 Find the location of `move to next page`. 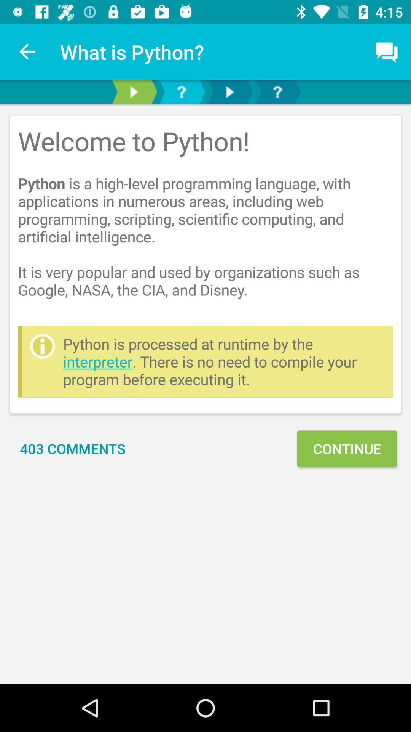

move to next page is located at coordinates (229, 91).